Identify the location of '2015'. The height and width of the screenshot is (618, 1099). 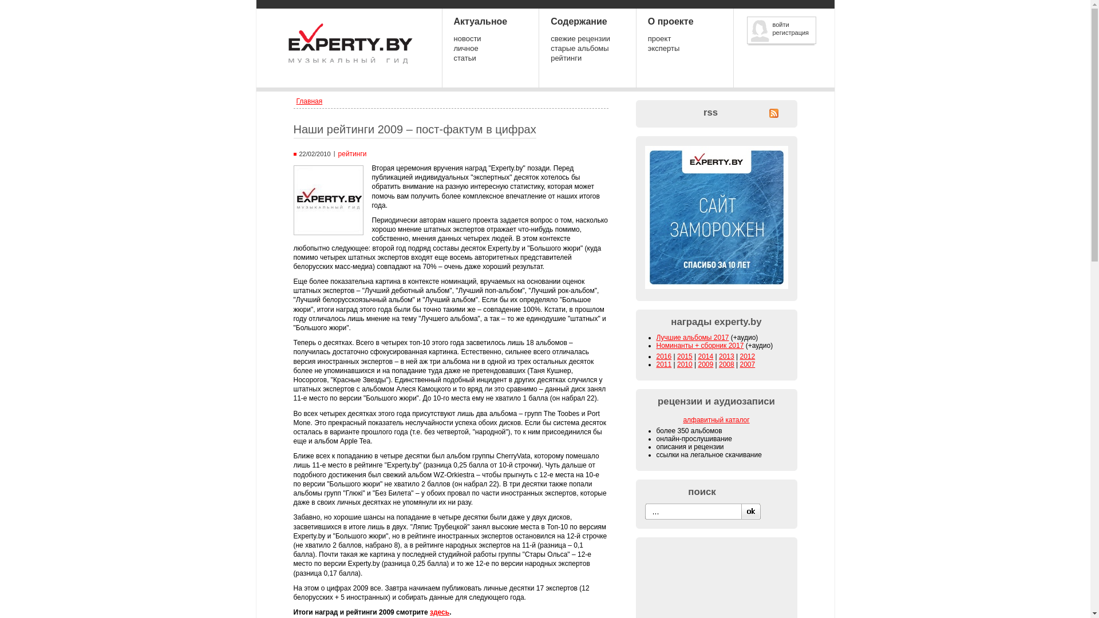
(685, 356).